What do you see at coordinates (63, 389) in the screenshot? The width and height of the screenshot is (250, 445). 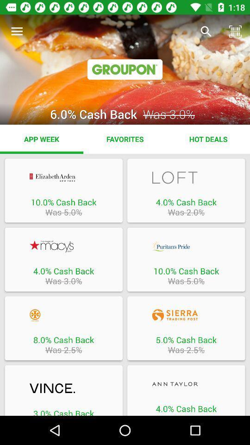 I see `click vince option` at bounding box center [63, 389].